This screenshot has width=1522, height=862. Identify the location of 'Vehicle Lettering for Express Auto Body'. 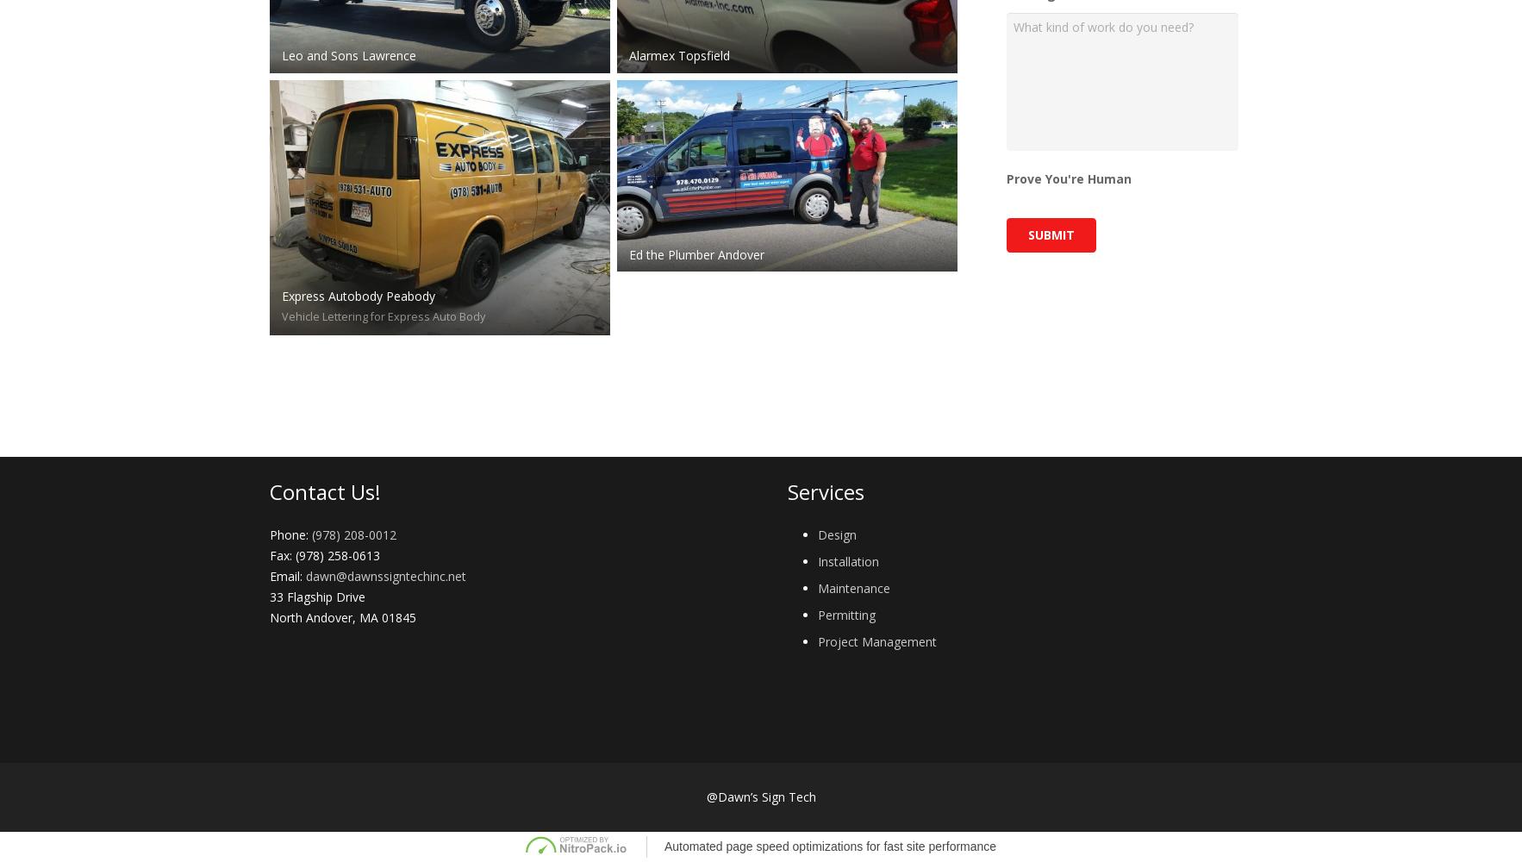
(281, 315).